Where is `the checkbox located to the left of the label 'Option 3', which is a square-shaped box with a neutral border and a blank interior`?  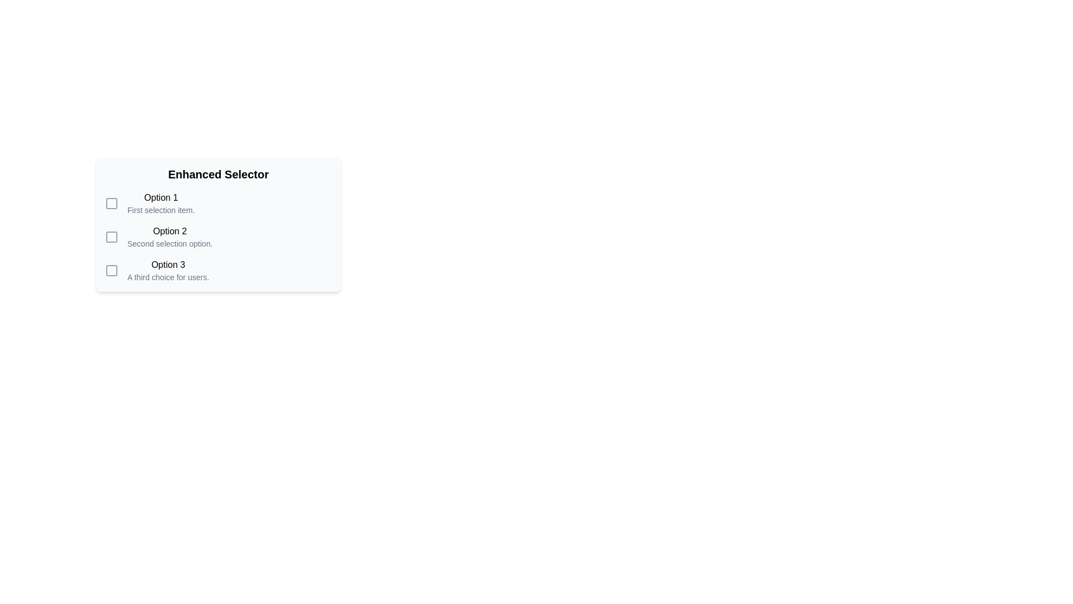
the checkbox located to the left of the label 'Option 3', which is a square-shaped box with a neutral border and a blank interior is located at coordinates (112, 270).